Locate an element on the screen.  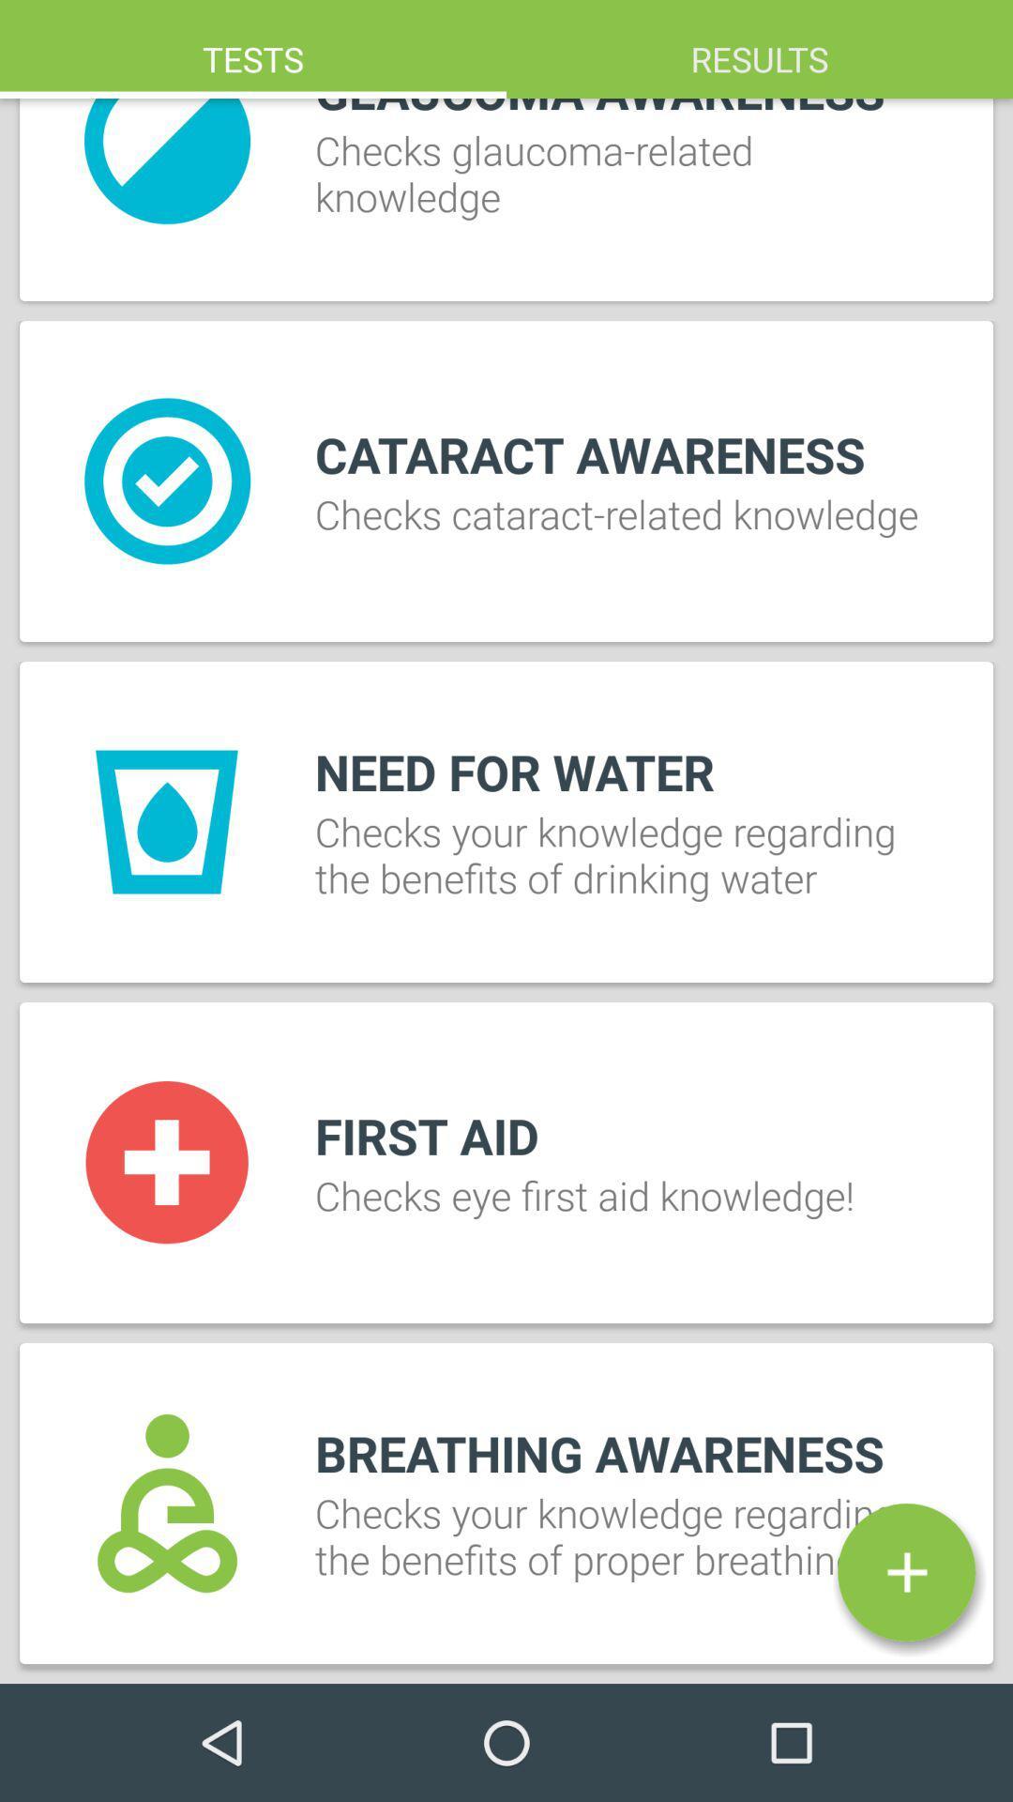
test is located at coordinates (905, 1572).